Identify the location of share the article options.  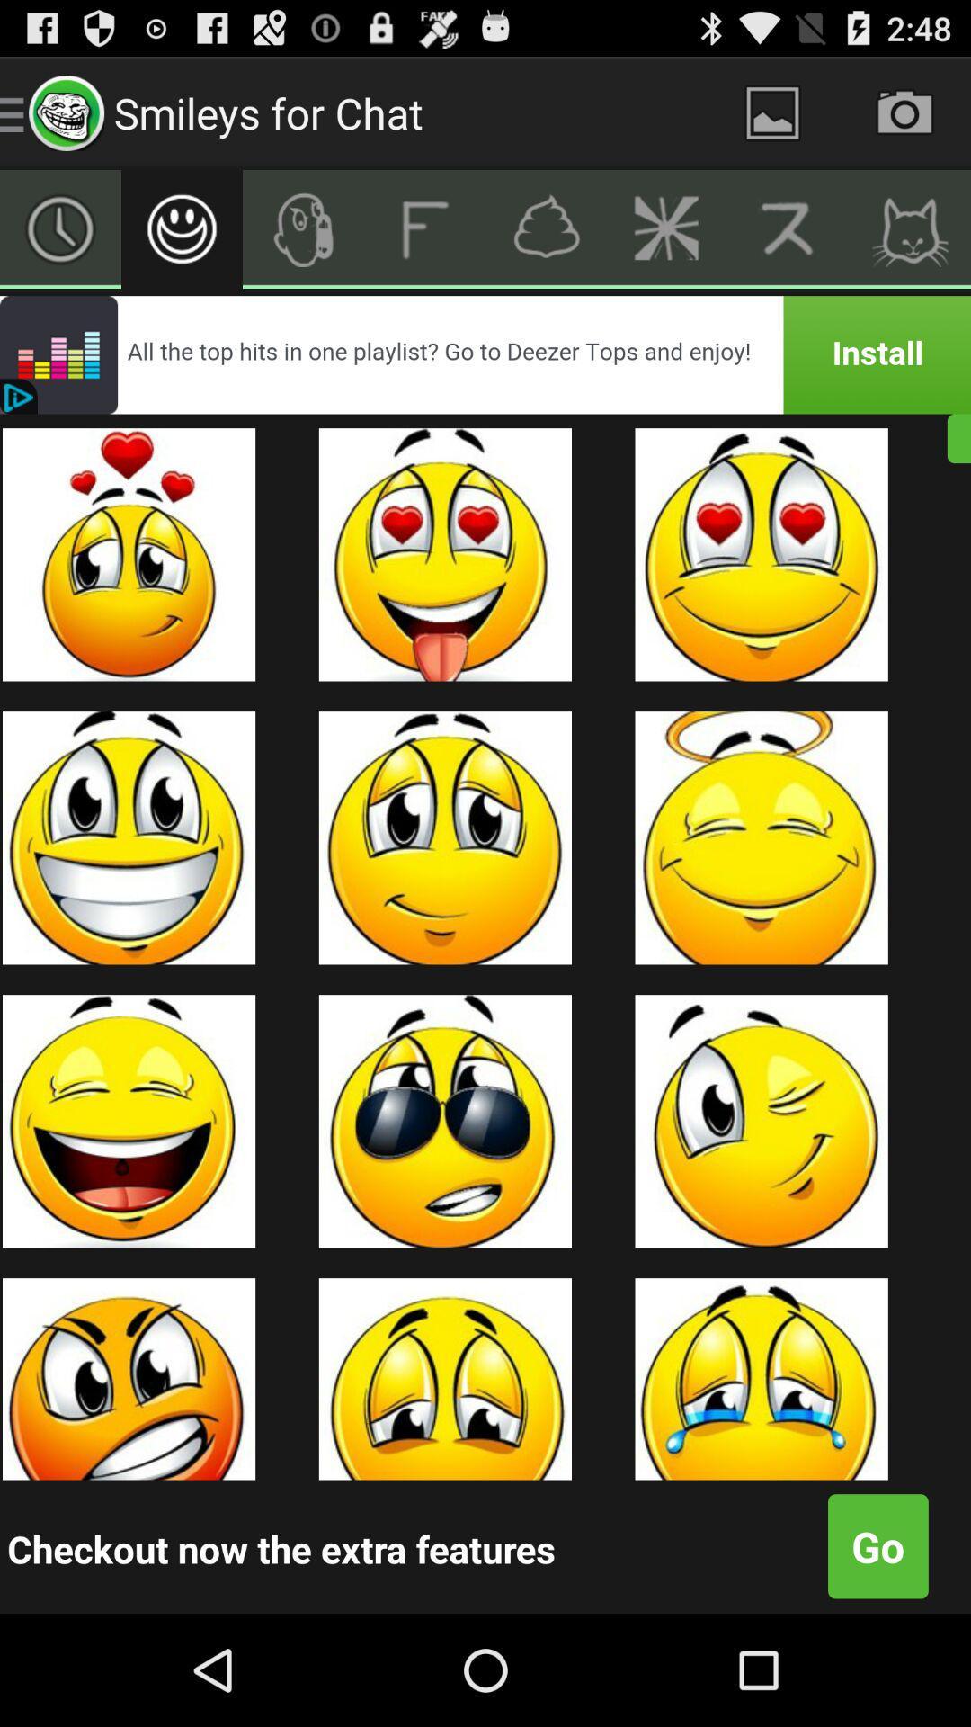
(667, 228).